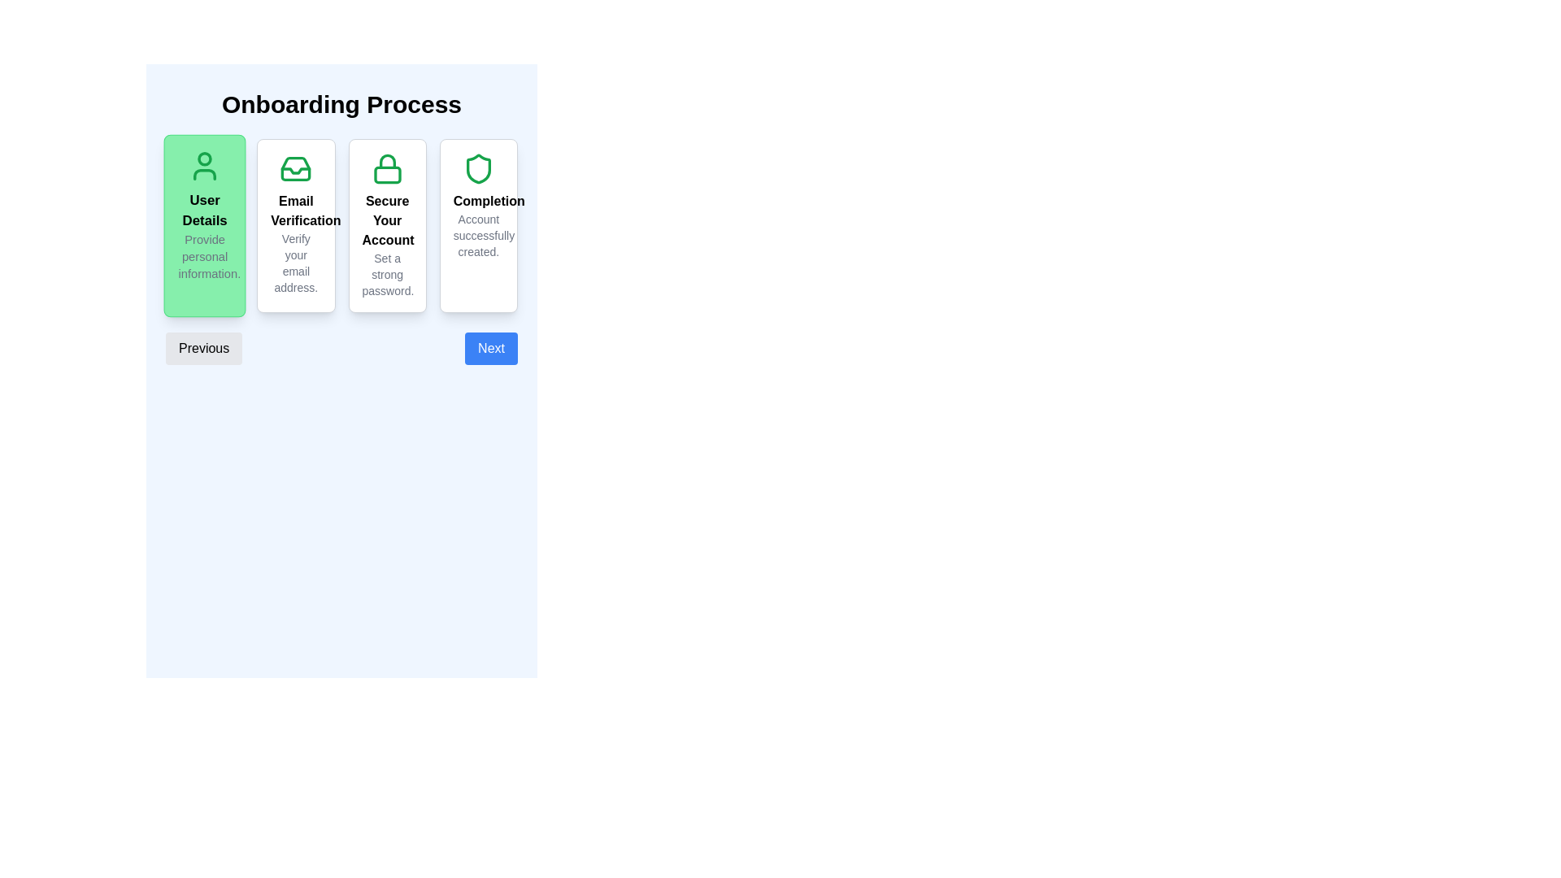 Image resolution: width=1561 pixels, height=878 pixels. What do you see at coordinates (341, 228) in the screenshot?
I see `the heading element labeled 'Onboarding Process' which is styled in bold and positioned at the top center of the page above the step cards` at bounding box center [341, 228].